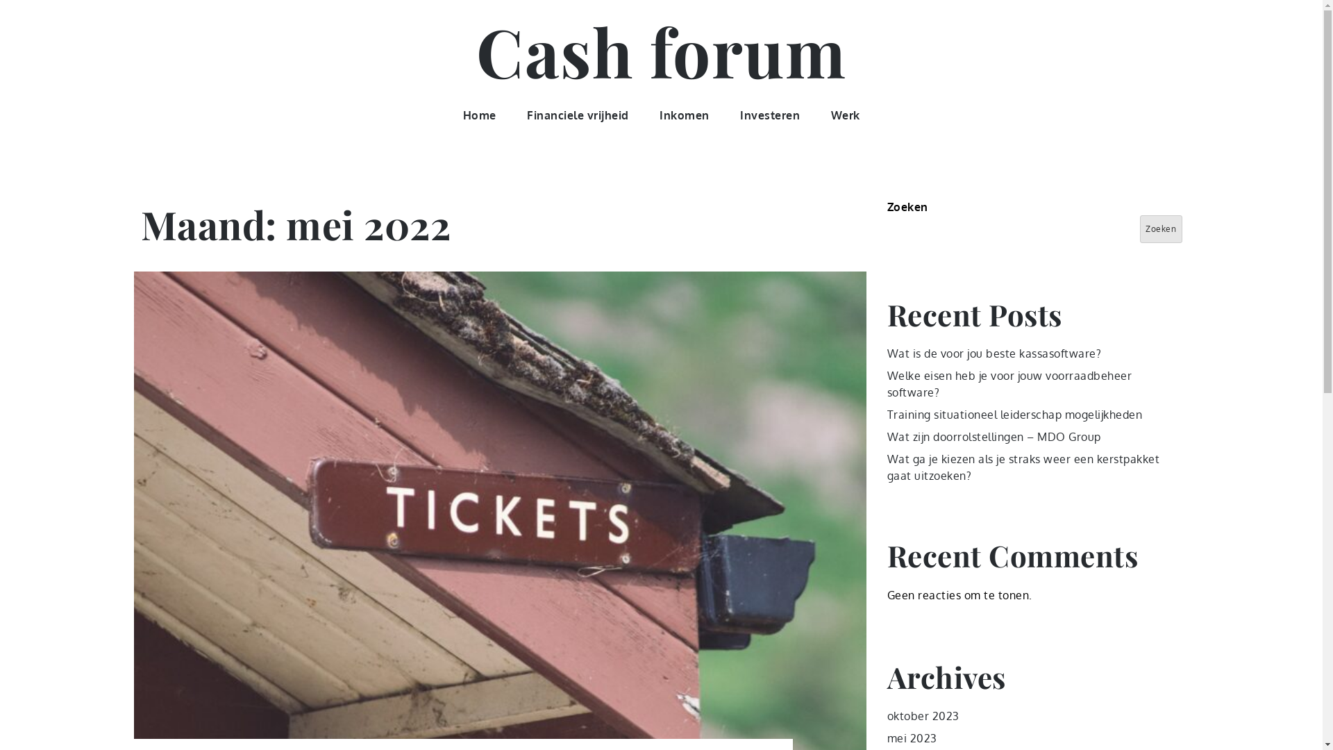 The height and width of the screenshot is (750, 1333). Describe the element at coordinates (684, 114) in the screenshot. I see `'Inkomen'` at that location.